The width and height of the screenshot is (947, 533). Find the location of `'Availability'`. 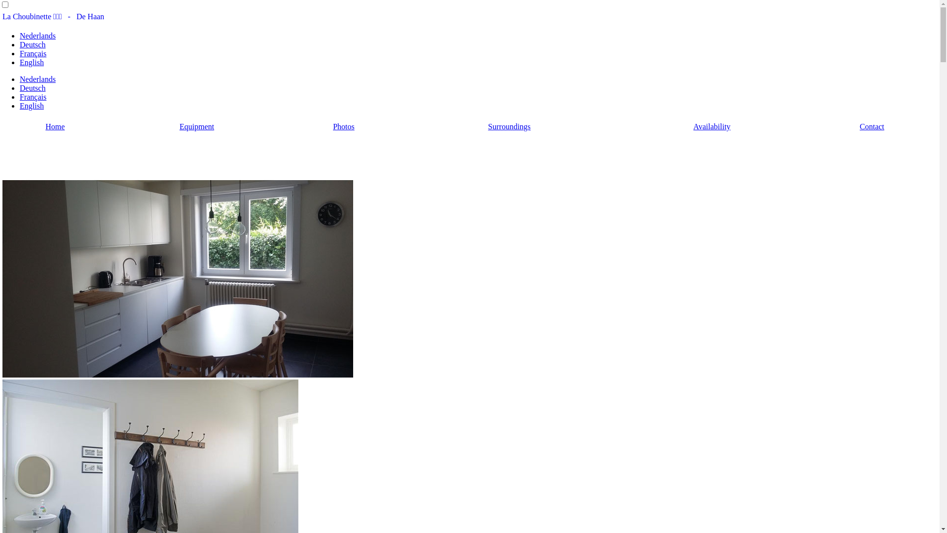

'Availability' is located at coordinates (712, 126).